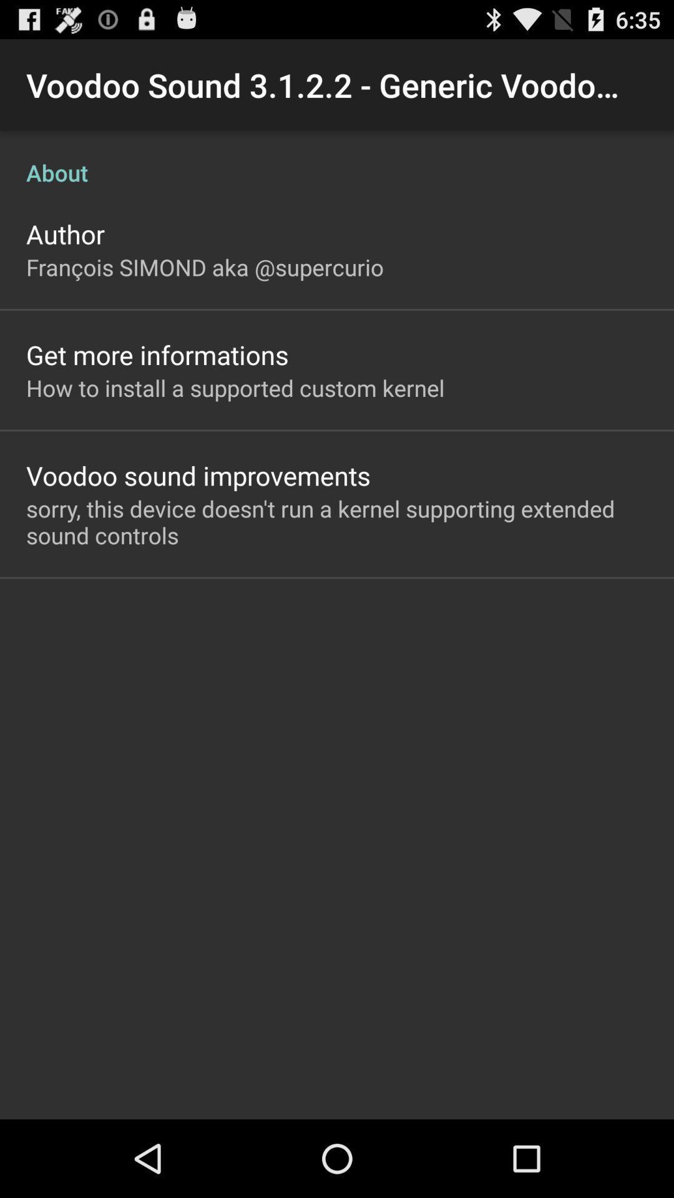 The height and width of the screenshot is (1198, 674). Describe the element at coordinates (235, 387) in the screenshot. I see `icon above the voodoo sound improvements app` at that location.